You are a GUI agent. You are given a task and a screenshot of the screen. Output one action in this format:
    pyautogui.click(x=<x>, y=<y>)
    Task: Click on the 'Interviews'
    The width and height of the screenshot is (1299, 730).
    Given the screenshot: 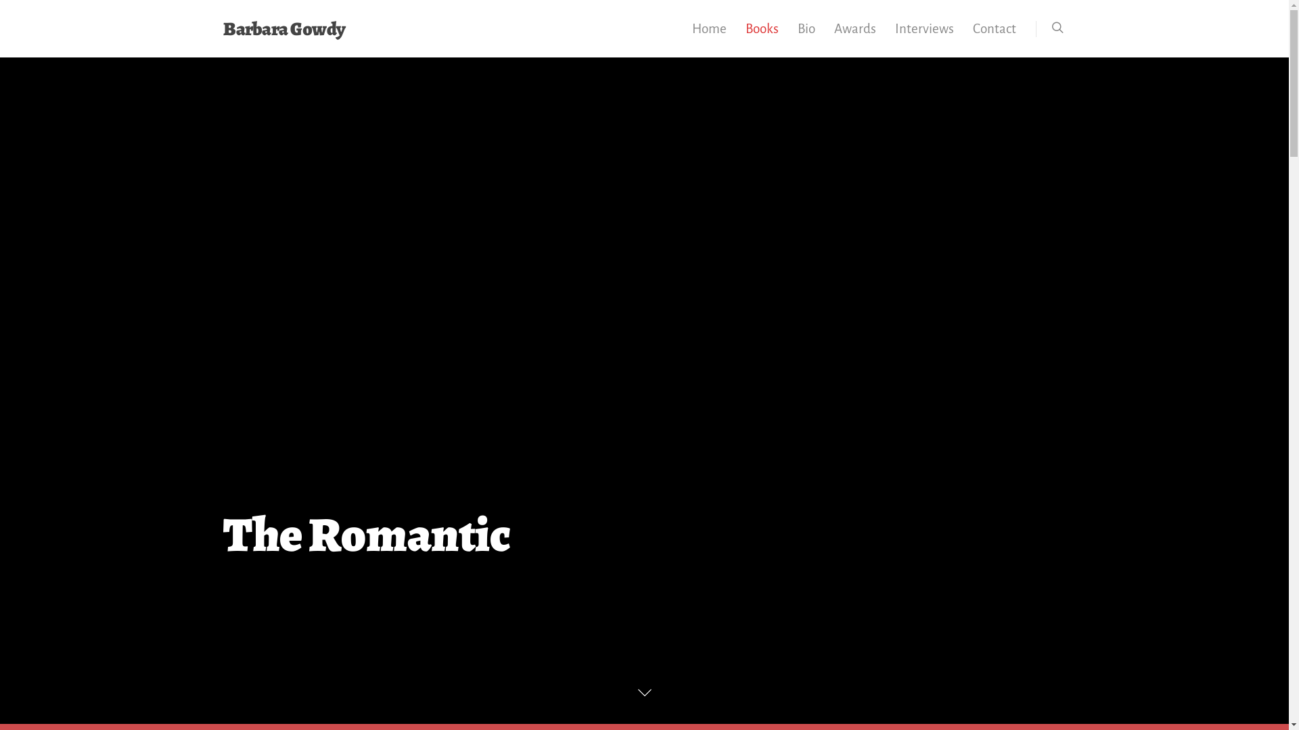 What is the action you would take?
    pyautogui.click(x=924, y=37)
    